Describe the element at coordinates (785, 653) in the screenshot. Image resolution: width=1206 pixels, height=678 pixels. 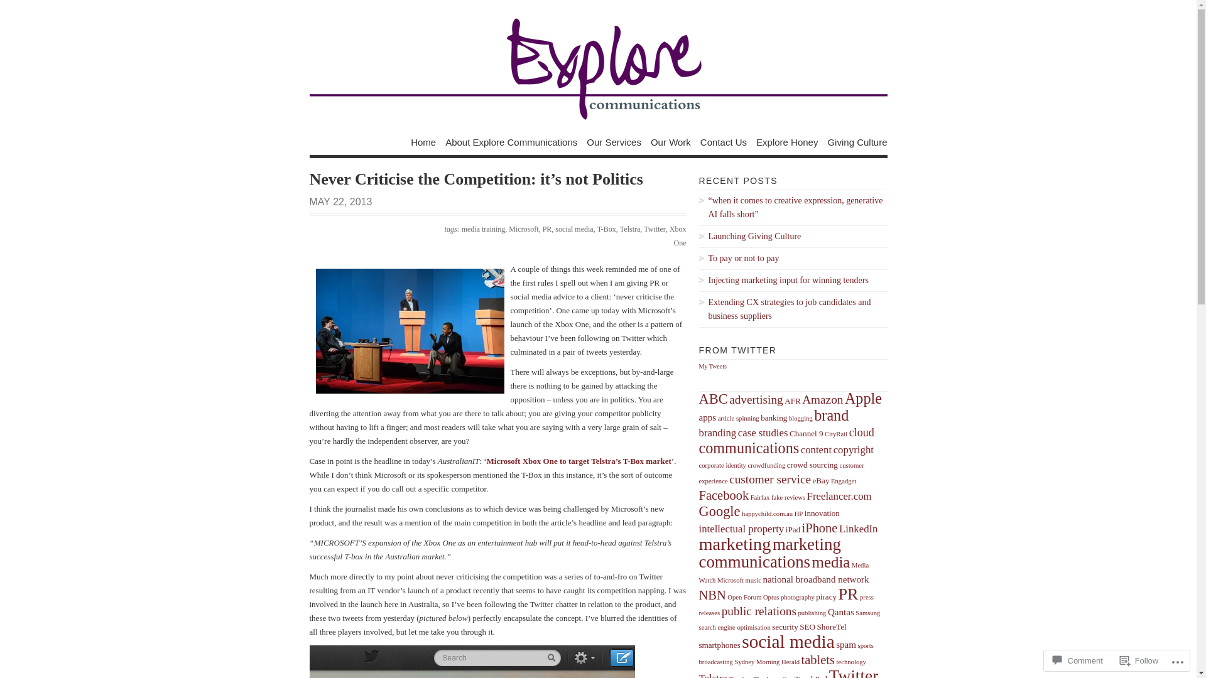
I see `'sports broadcasting'` at that location.